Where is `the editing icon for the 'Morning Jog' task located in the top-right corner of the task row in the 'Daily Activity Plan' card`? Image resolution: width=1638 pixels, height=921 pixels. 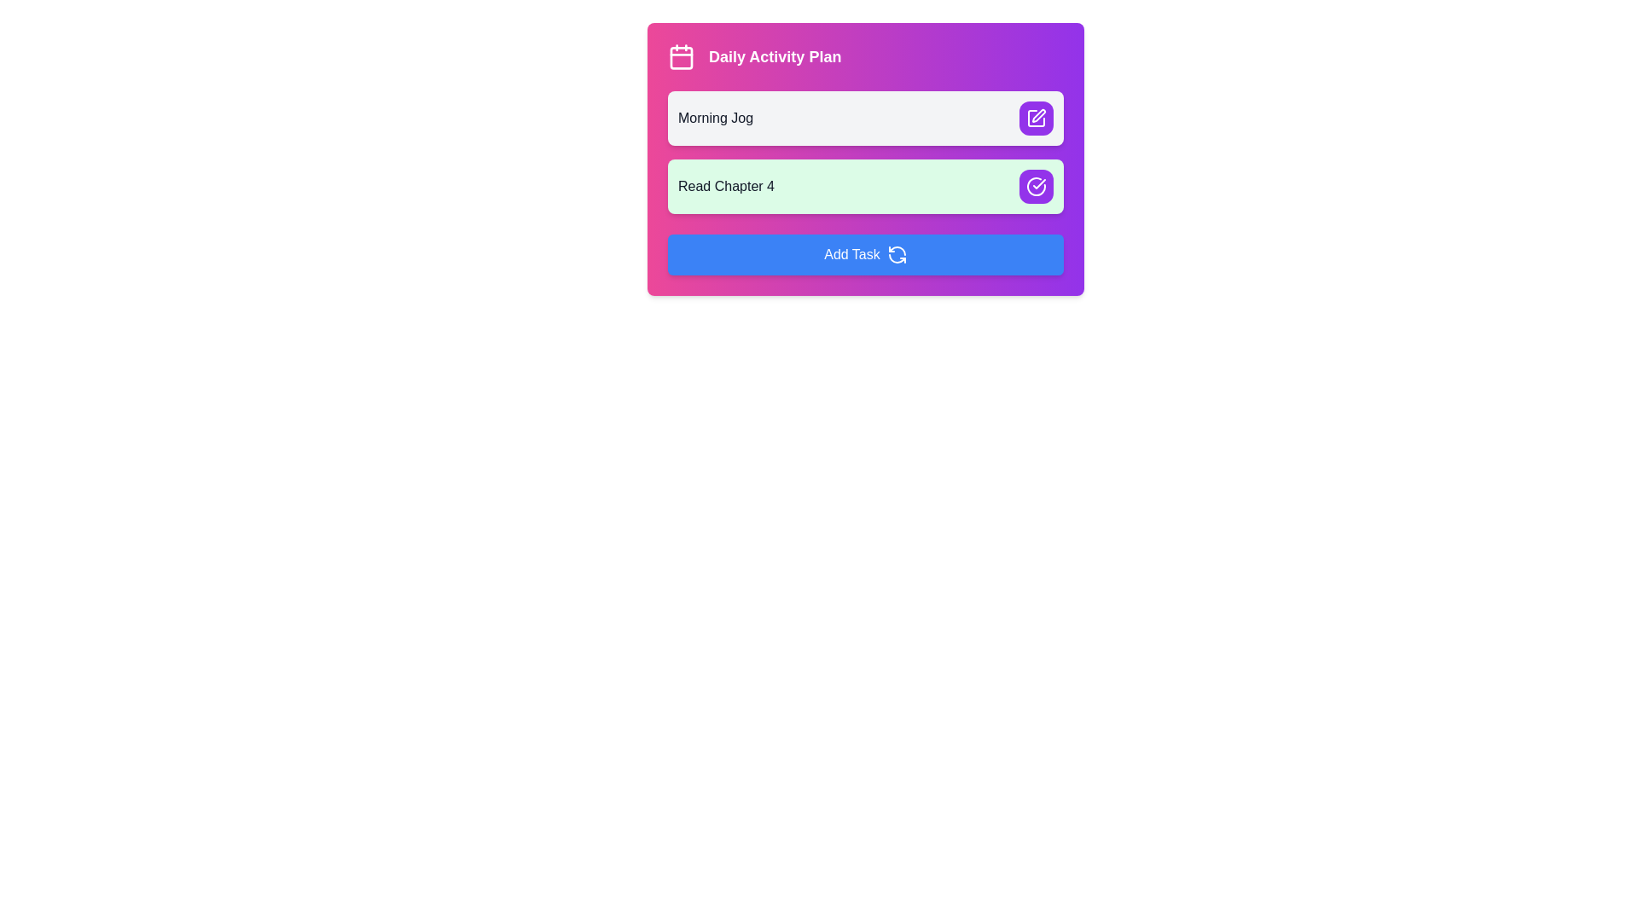 the editing icon for the 'Morning Jog' task located in the top-right corner of the task row in the 'Daily Activity Plan' card is located at coordinates (1035, 117).